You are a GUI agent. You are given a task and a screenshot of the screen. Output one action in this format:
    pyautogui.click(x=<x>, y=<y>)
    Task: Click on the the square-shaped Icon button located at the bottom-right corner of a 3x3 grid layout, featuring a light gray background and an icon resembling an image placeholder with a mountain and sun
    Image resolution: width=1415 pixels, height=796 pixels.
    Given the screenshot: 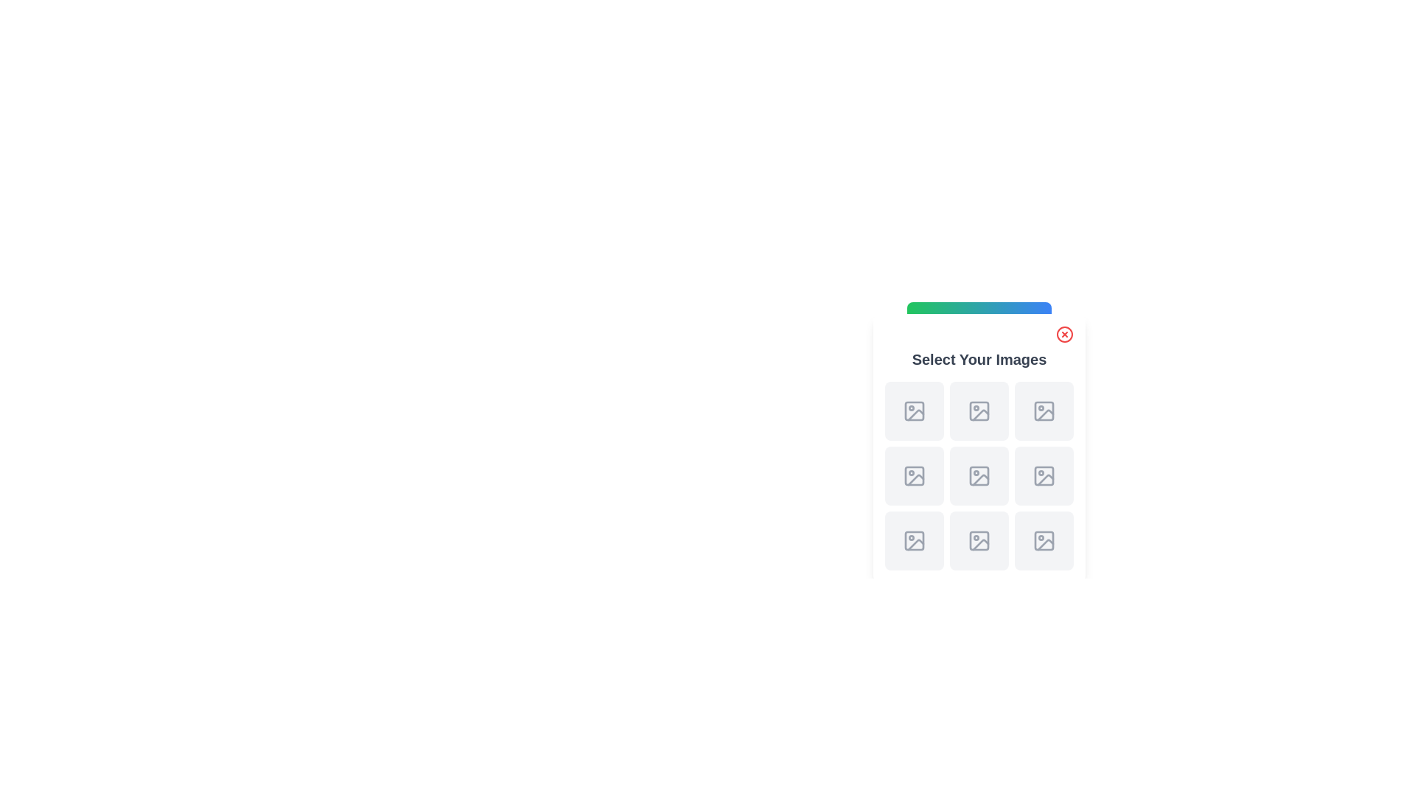 What is the action you would take?
    pyautogui.click(x=1043, y=411)
    